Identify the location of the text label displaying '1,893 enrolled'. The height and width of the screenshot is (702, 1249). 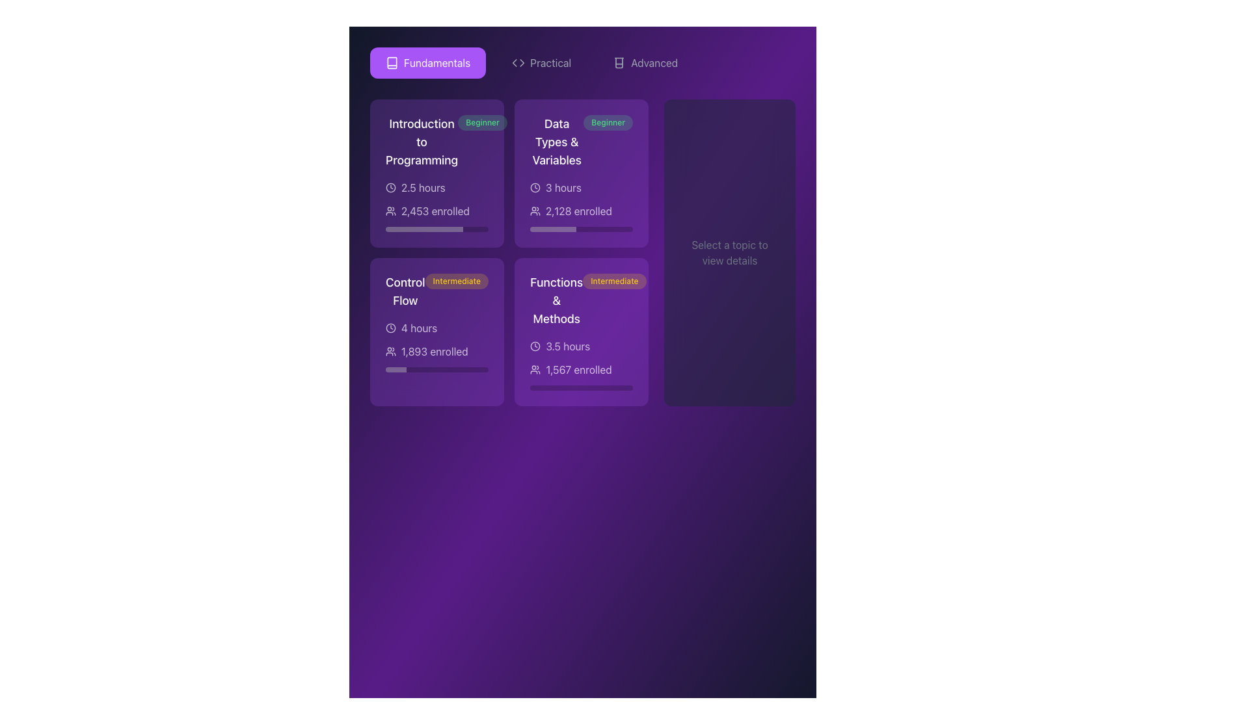
(435, 351).